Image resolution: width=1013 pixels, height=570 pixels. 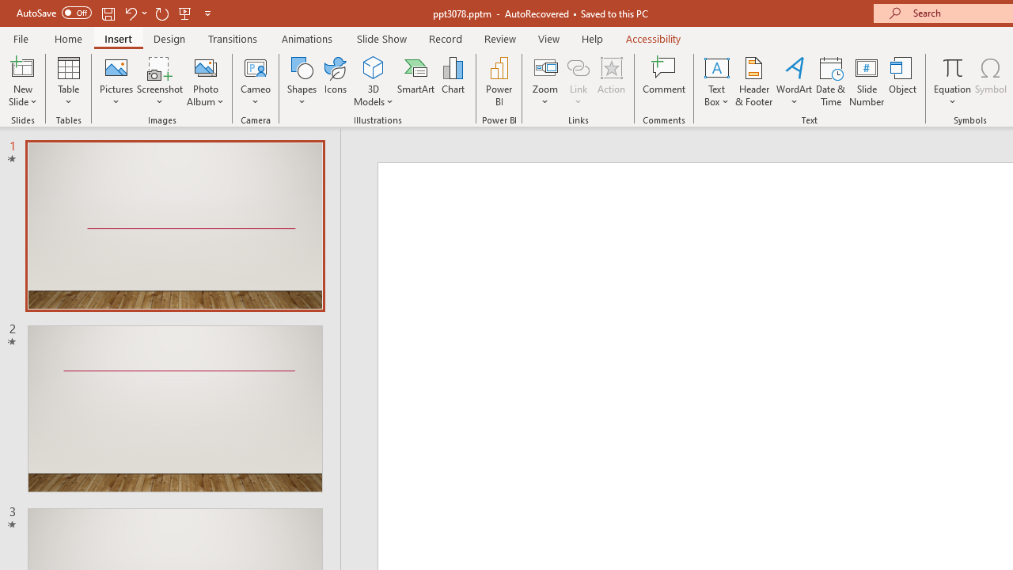 What do you see at coordinates (753, 82) in the screenshot?
I see `'Header & Footer...'` at bounding box center [753, 82].